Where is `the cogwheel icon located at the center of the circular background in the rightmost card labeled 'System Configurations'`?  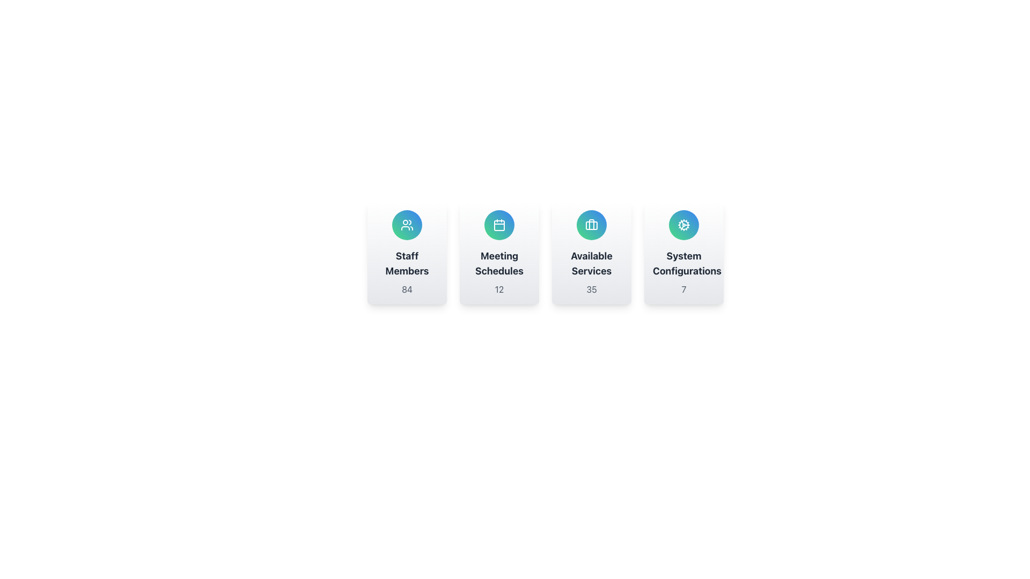 the cogwheel icon located at the center of the circular background in the rightmost card labeled 'System Configurations' is located at coordinates (683, 225).